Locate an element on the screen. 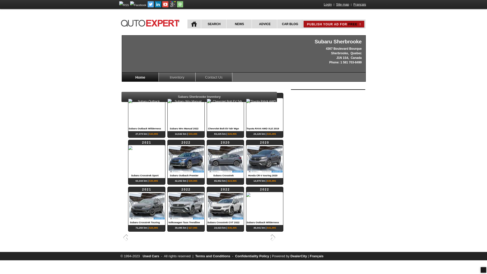  'Confidentiality Policy' is located at coordinates (235, 256).